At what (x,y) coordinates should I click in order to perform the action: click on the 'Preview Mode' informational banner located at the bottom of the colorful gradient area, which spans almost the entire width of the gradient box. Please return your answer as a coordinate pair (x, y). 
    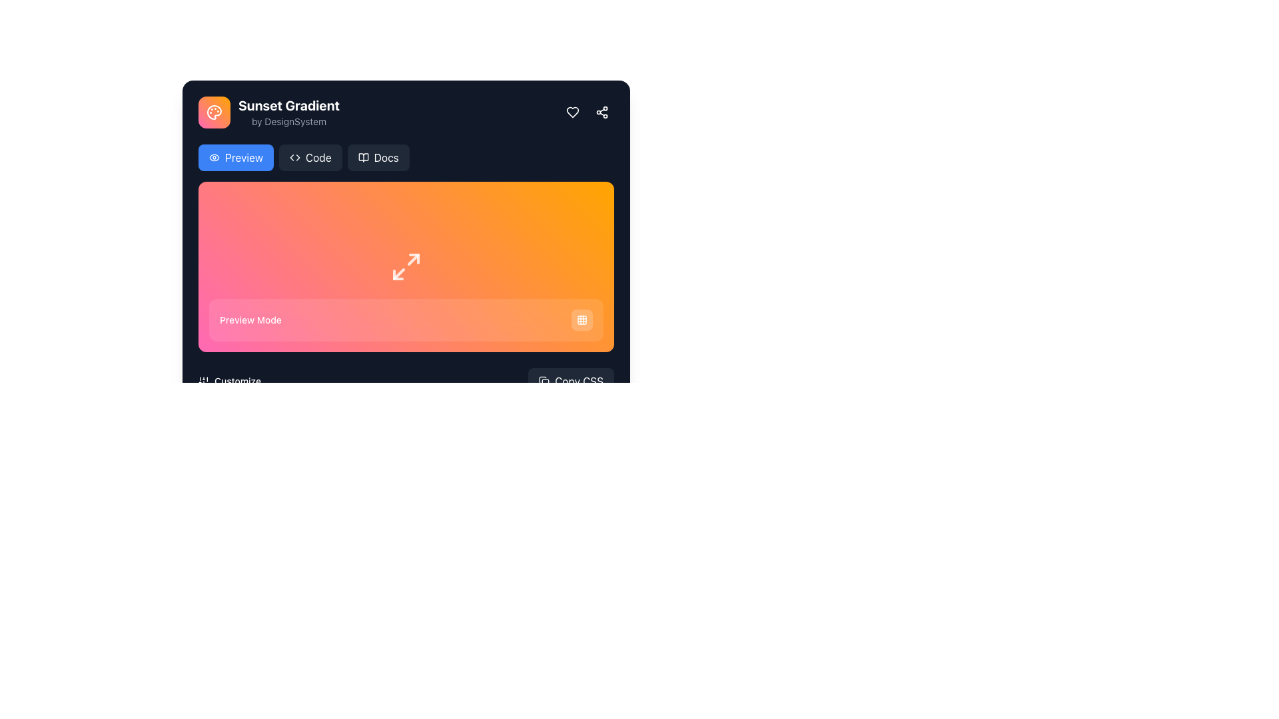
    Looking at the image, I should click on (405, 320).